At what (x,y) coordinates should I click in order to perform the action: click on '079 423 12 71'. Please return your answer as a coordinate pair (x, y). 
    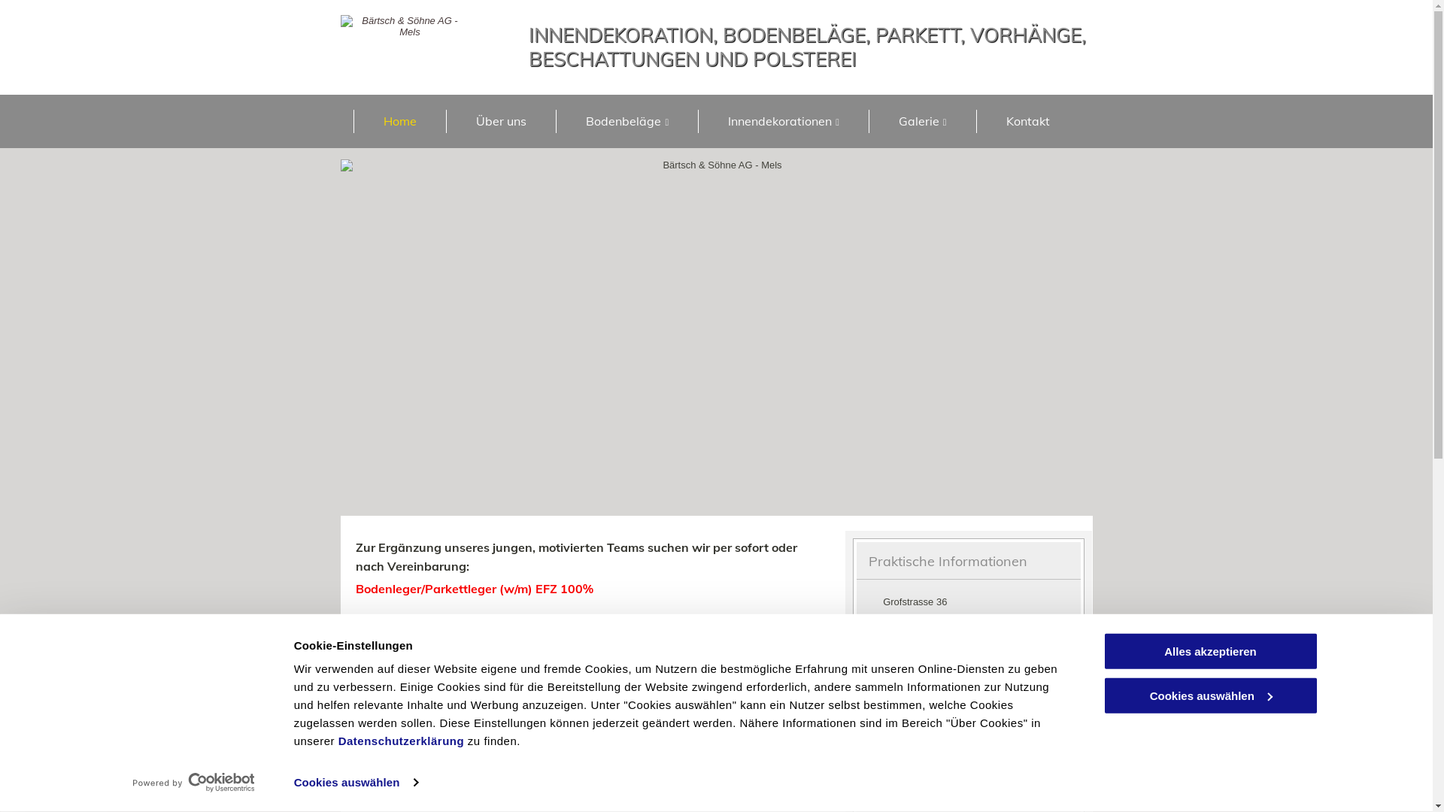
    Looking at the image, I should click on (923, 690).